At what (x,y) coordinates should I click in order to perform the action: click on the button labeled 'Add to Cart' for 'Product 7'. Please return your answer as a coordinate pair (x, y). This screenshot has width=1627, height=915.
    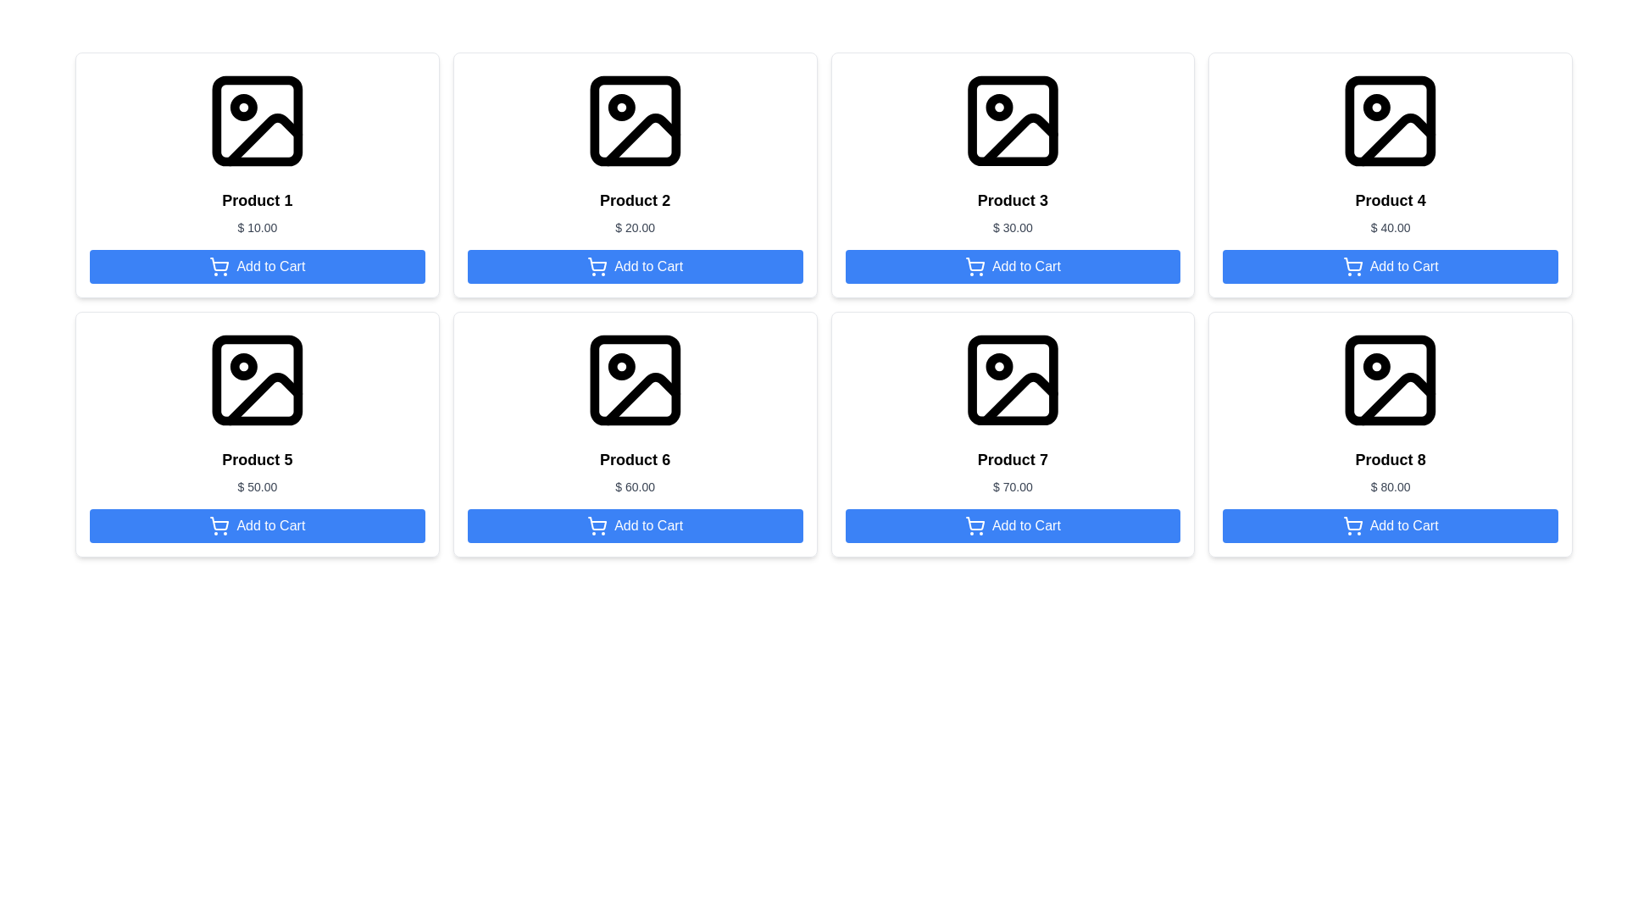
    Looking at the image, I should click on (1013, 525).